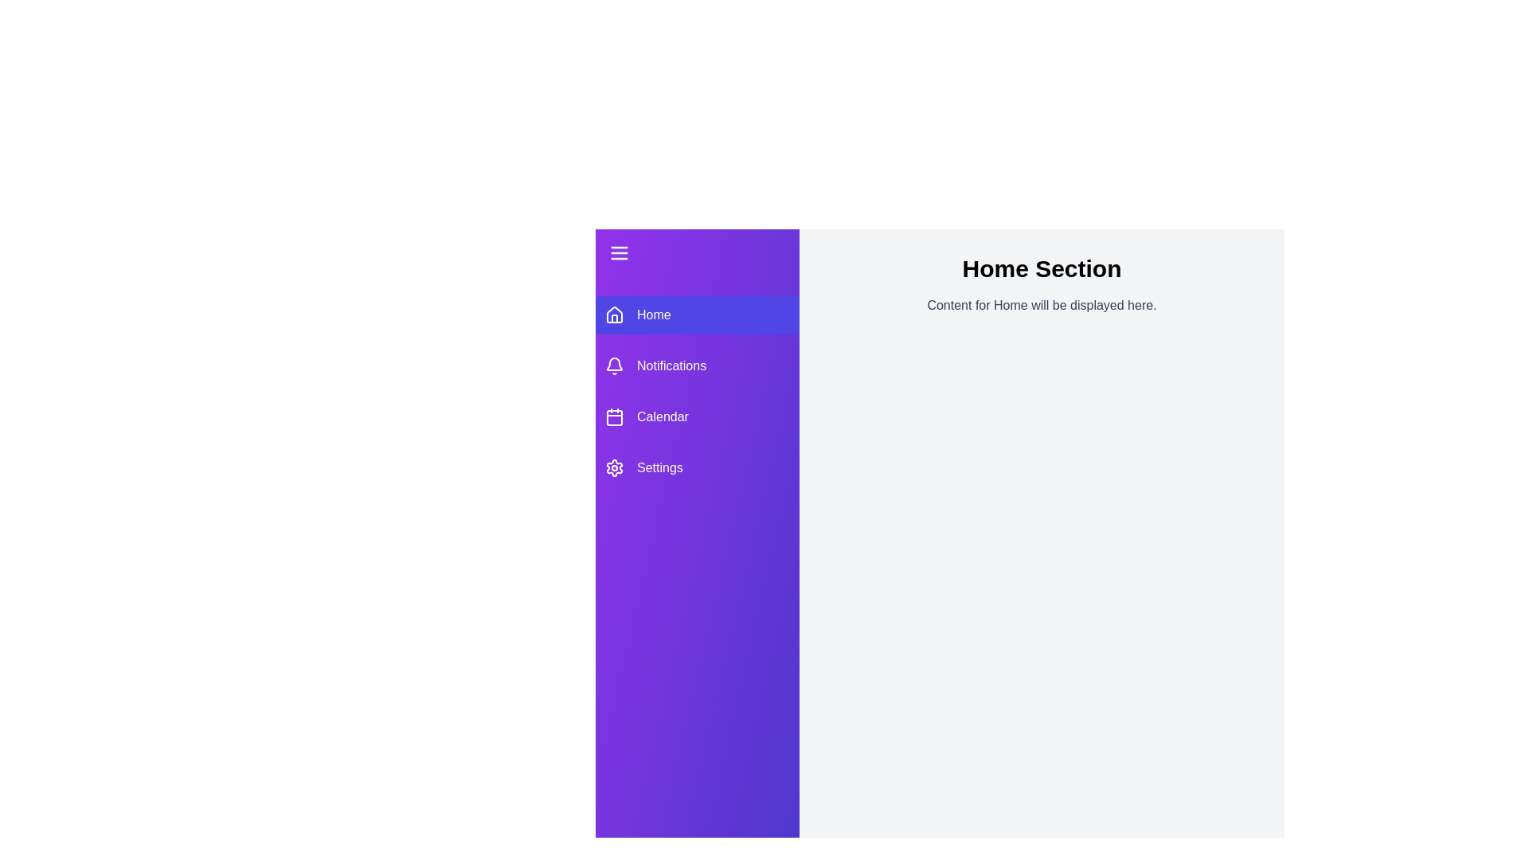 This screenshot has height=860, width=1529. What do you see at coordinates (697, 315) in the screenshot?
I see `the menu item Home in the sidebar` at bounding box center [697, 315].